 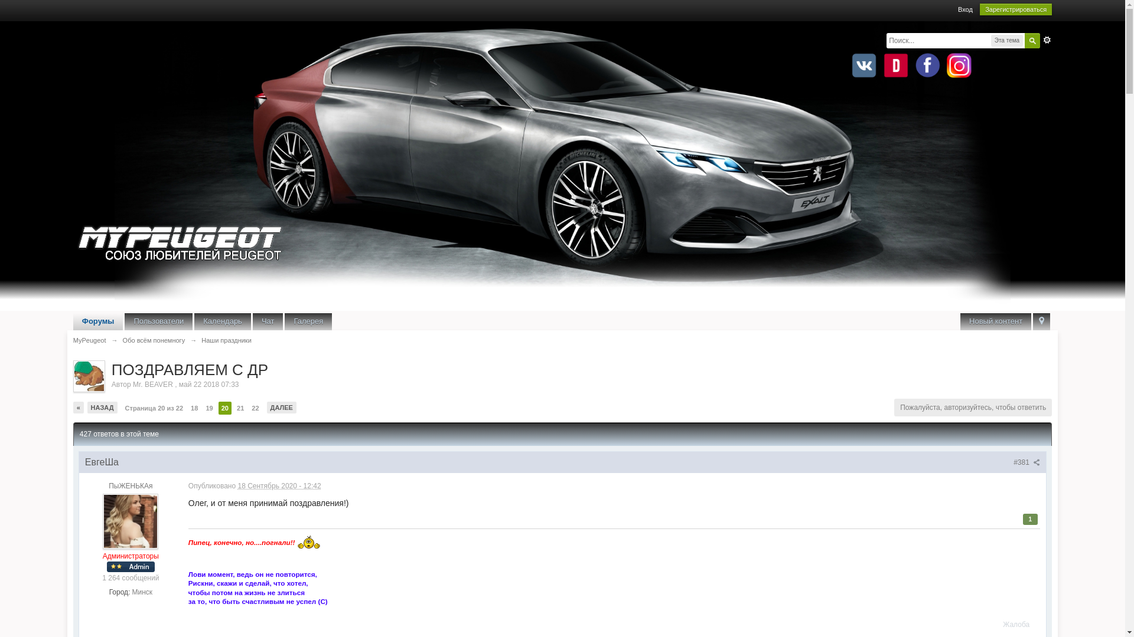 What do you see at coordinates (912, 65) in the screenshot?
I see `'Facebook'` at bounding box center [912, 65].